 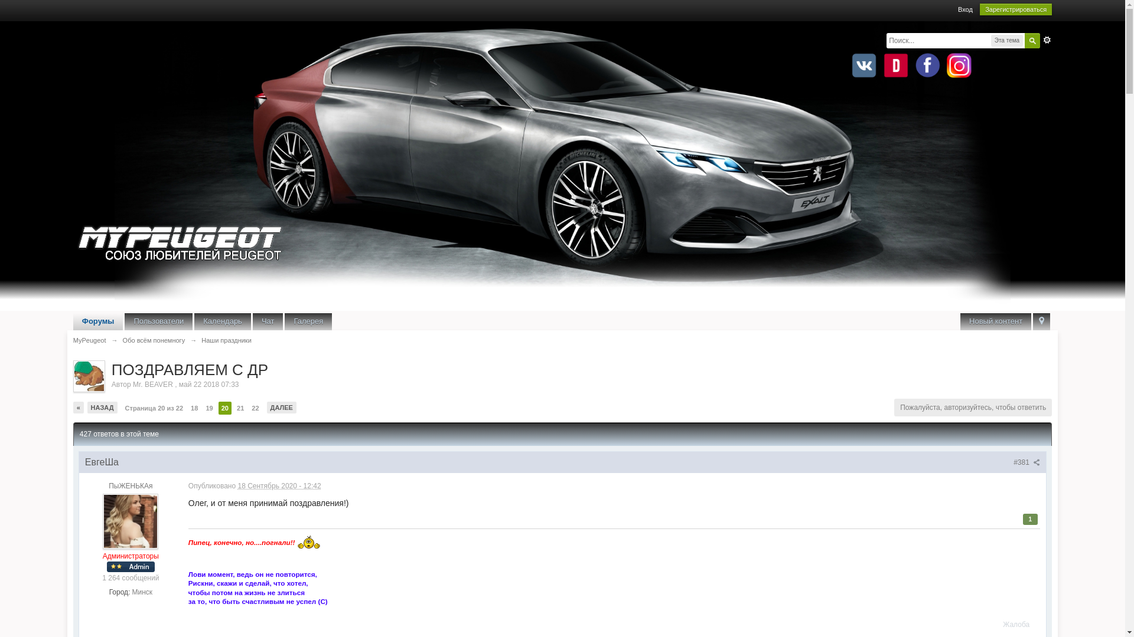 What do you see at coordinates (912, 65) in the screenshot?
I see `'Facebook'` at bounding box center [912, 65].